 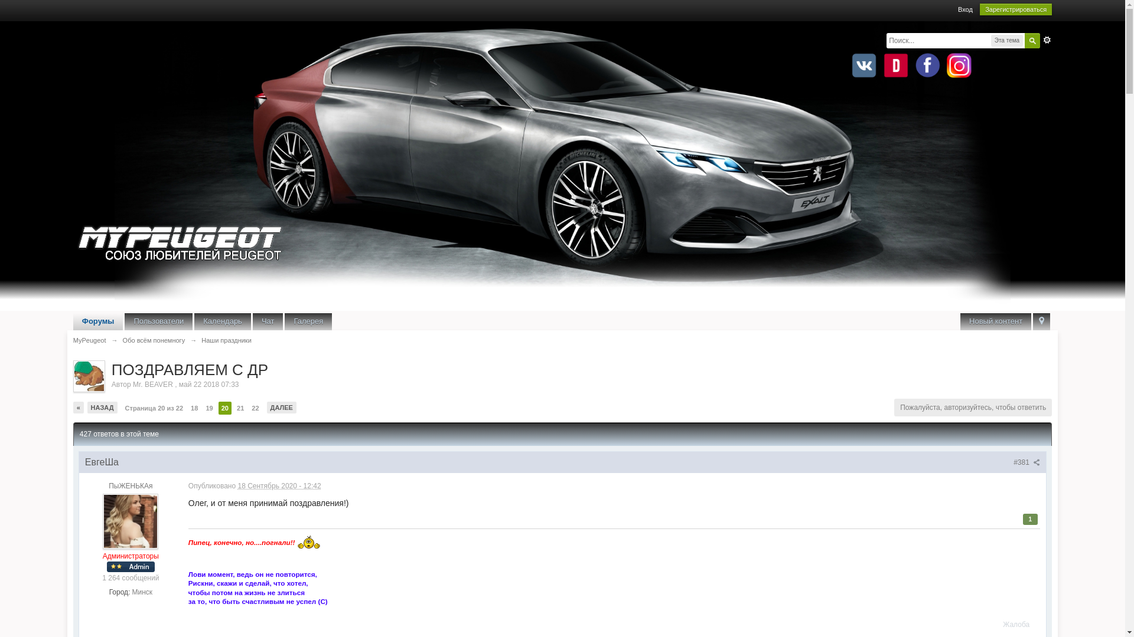 What do you see at coordinates (912, 65) in the screenshot?
I see `'Facebook'` at bounding box center [912, 65].